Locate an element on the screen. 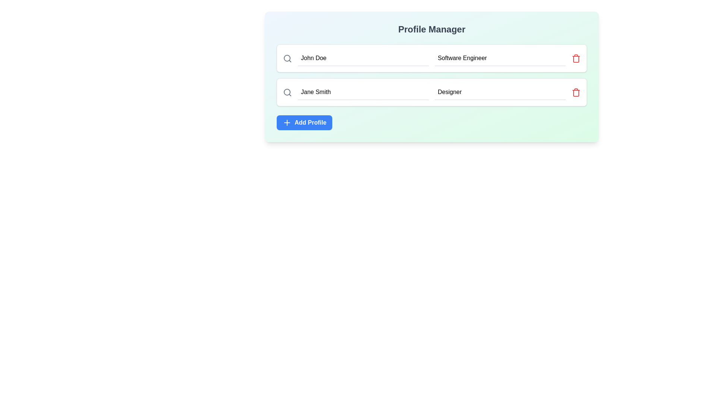 This screenshot has width=716, height=403. the plus icon located at the left edge of the 'Add Profile' button is located at coordinates (286, 122).